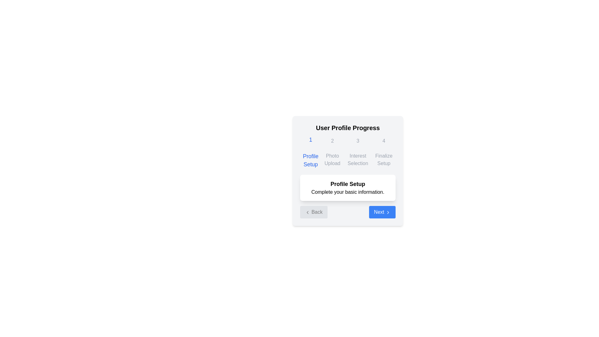 This screenshot has height=337, width=599. I want to click on the static visual indicator representing the 'Interest Selection' stage, which is the third element in a sequence of four vertically-aligned groups, located between 'Photo Upload' and 'Finalize Setup', so click(358, 152).